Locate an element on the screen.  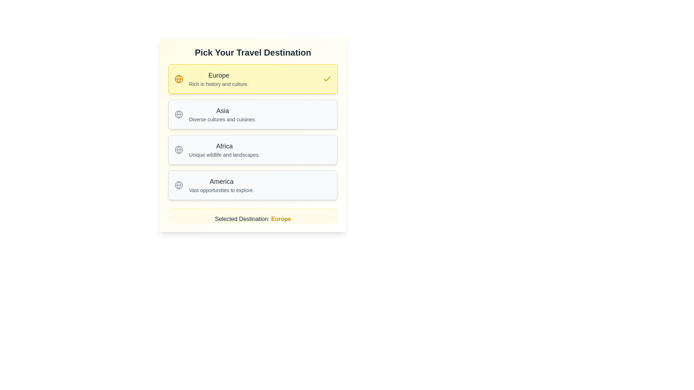
the prominently styled 'Asia' text label, which is the second item in a vertical list of travel destinations is located at coordinates (222, 111).